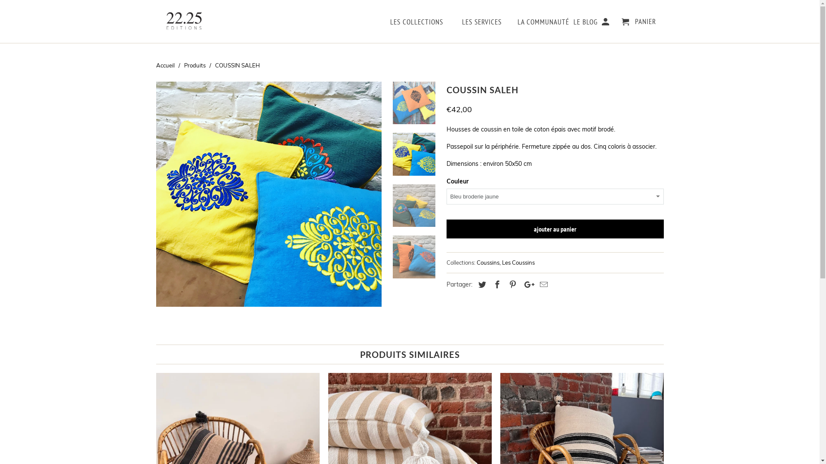  What do you see at coordinates (512, 284) in the screenshot?
I see `'Partagez ceci sur Pinterest'` at bounding box center [512, 284].